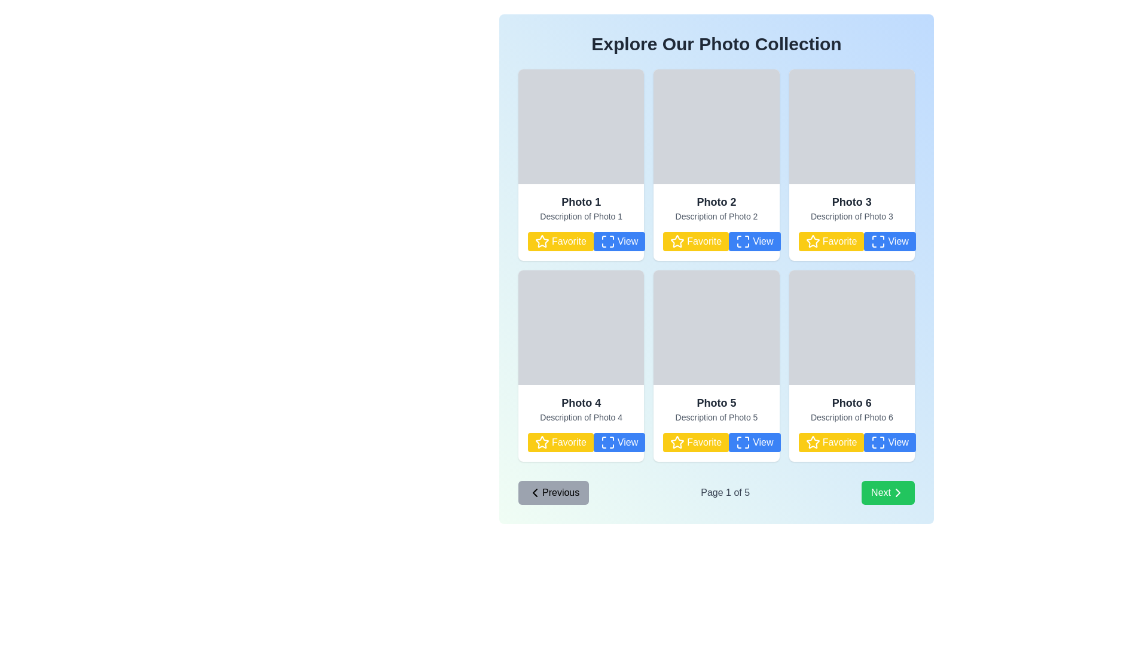 This screenshot has height=646, width=1148. Describe the element at coordinates (581, 423) in the screenshot. I see `textual content of the card displaying metadata about 'Photo 4', located in the bottom-left corner of the photo collection grid` at that location.